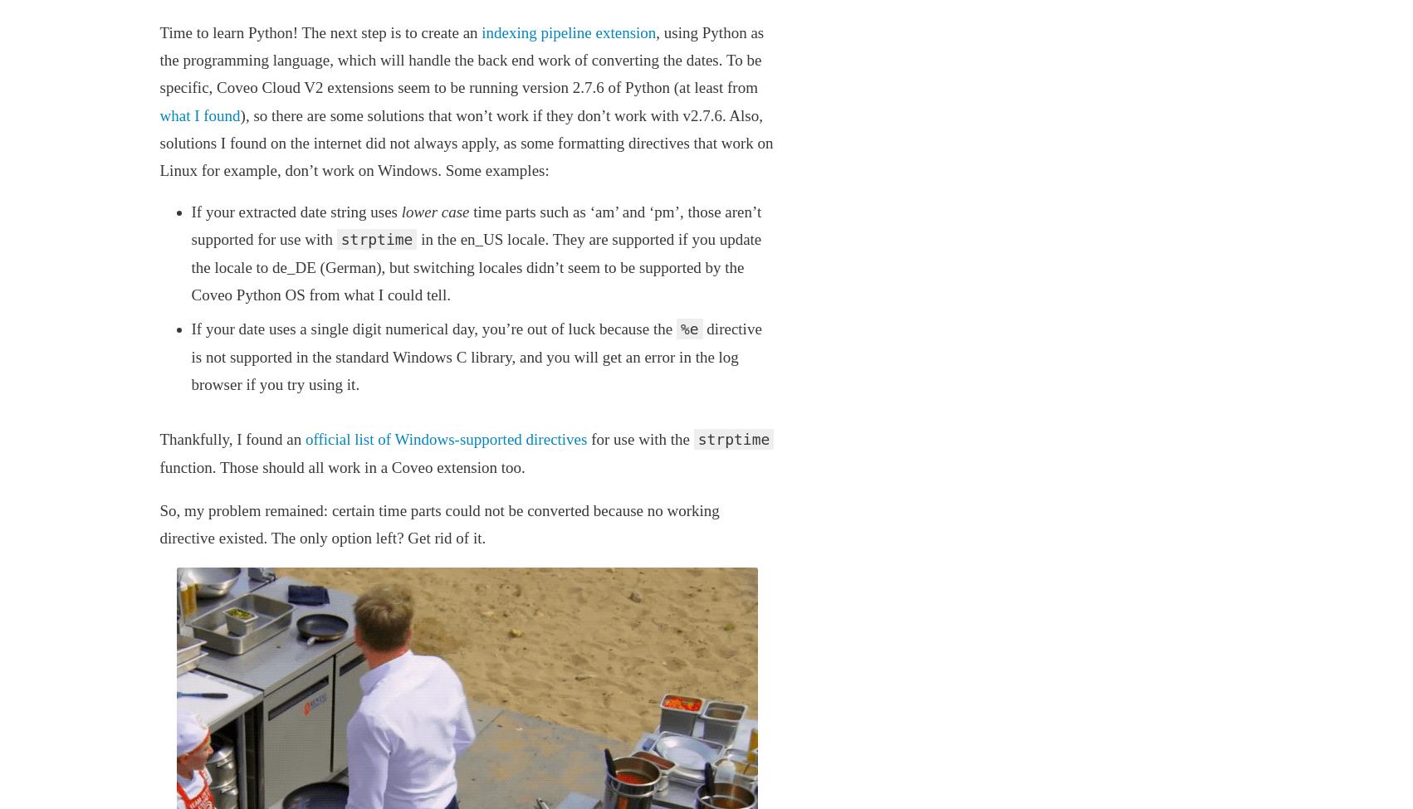 This screenshot has height=809, width=1413. What do you see at coordinates (158, 438) in the screenshot?
I see `'Thankfully, I found an'` at bounding box center [158, 438].